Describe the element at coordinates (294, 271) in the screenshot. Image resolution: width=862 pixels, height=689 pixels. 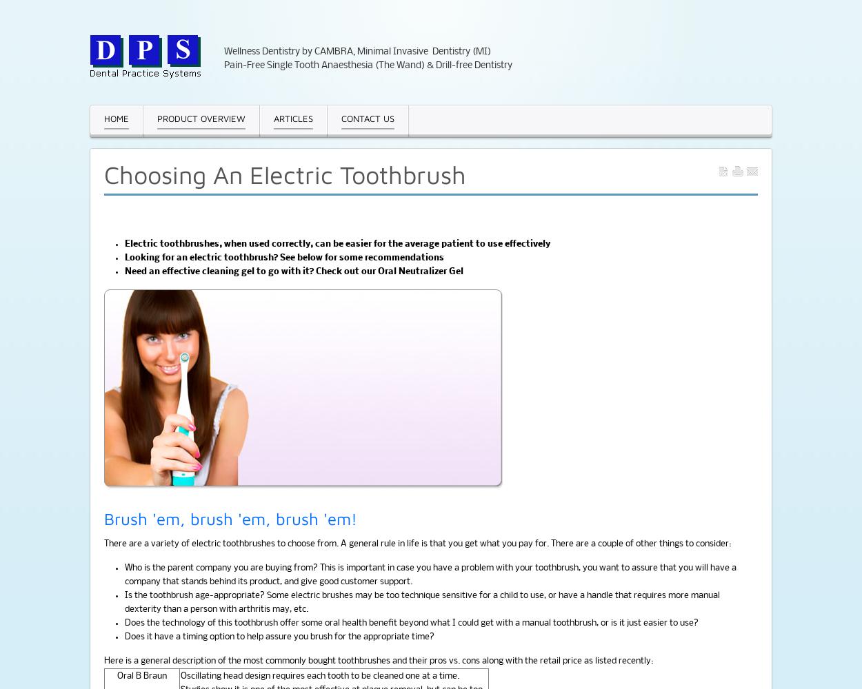
I see `'Need an effective cleaning gel to go with it? Check out our Oral Neutralizer Gel'` at that location.